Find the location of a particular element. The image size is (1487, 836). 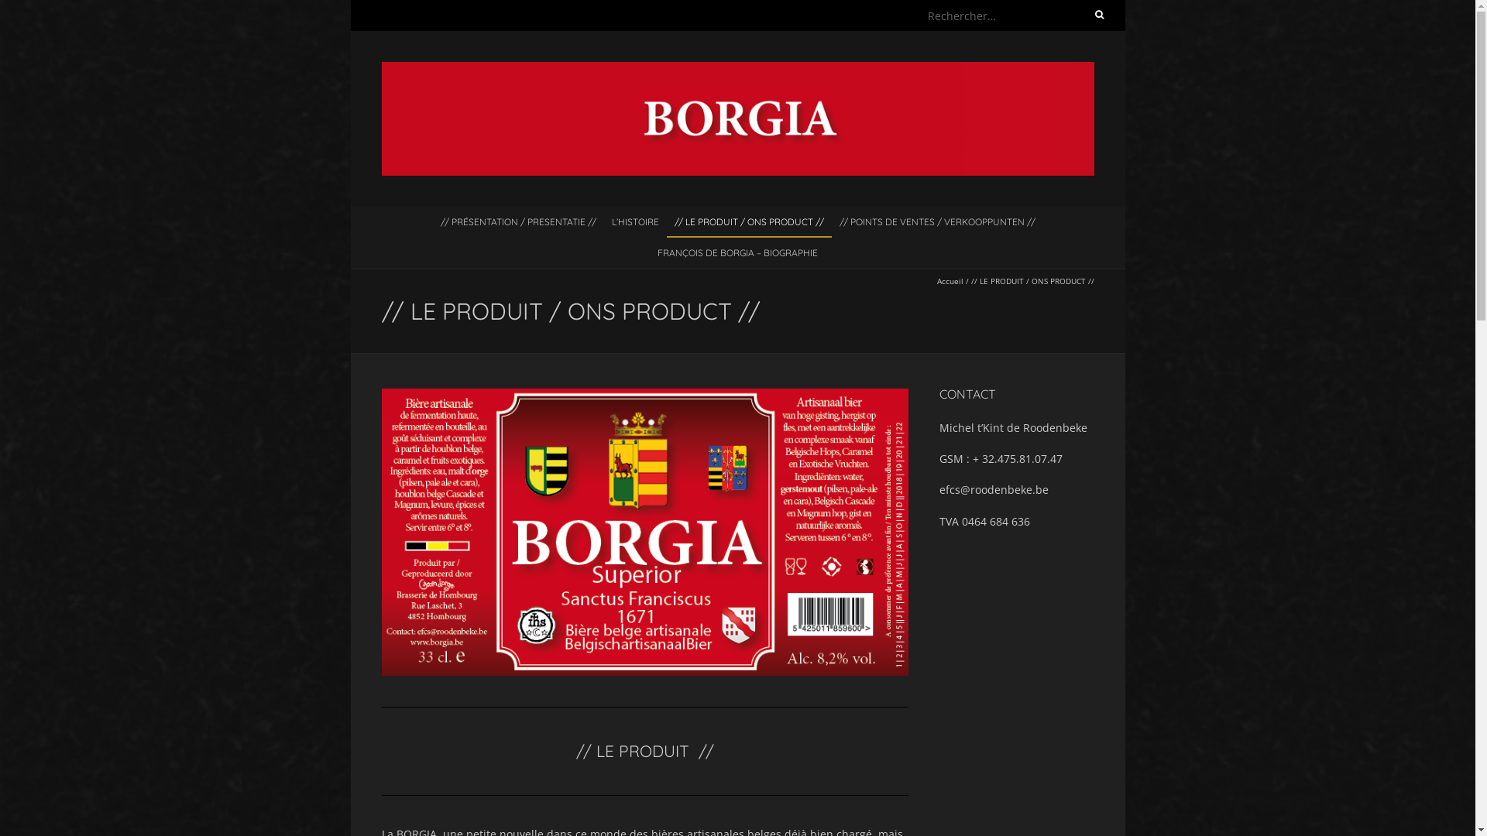

'// POINTS DE VENTES / VERKOOPPUNTEN //' is located at coordinates (936, 221).